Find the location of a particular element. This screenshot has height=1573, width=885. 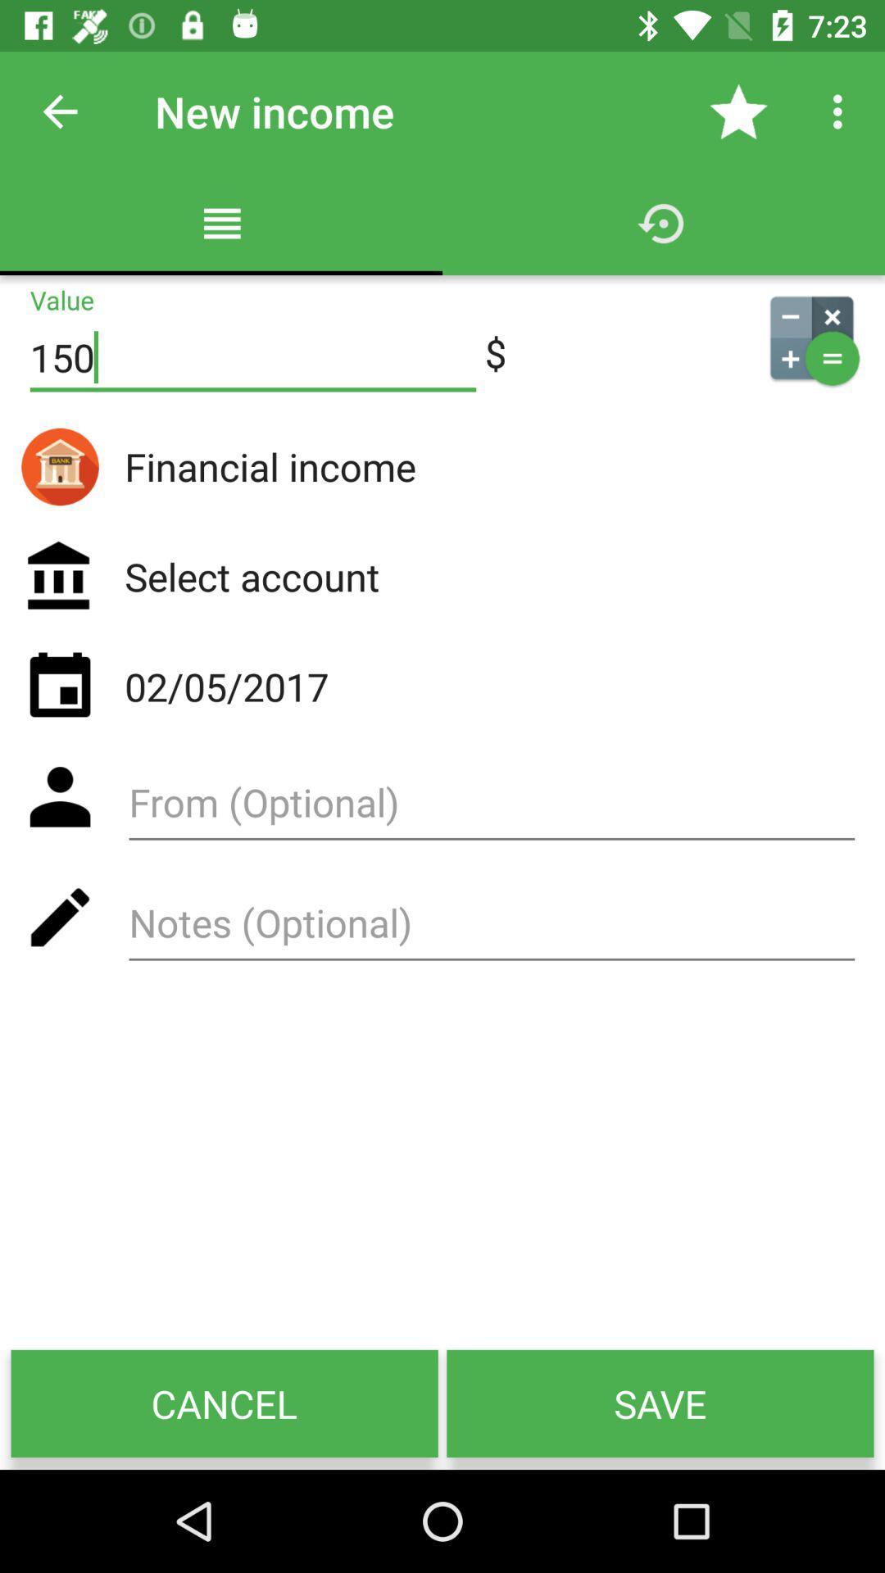

hits option is located at coordinates (491, 928).